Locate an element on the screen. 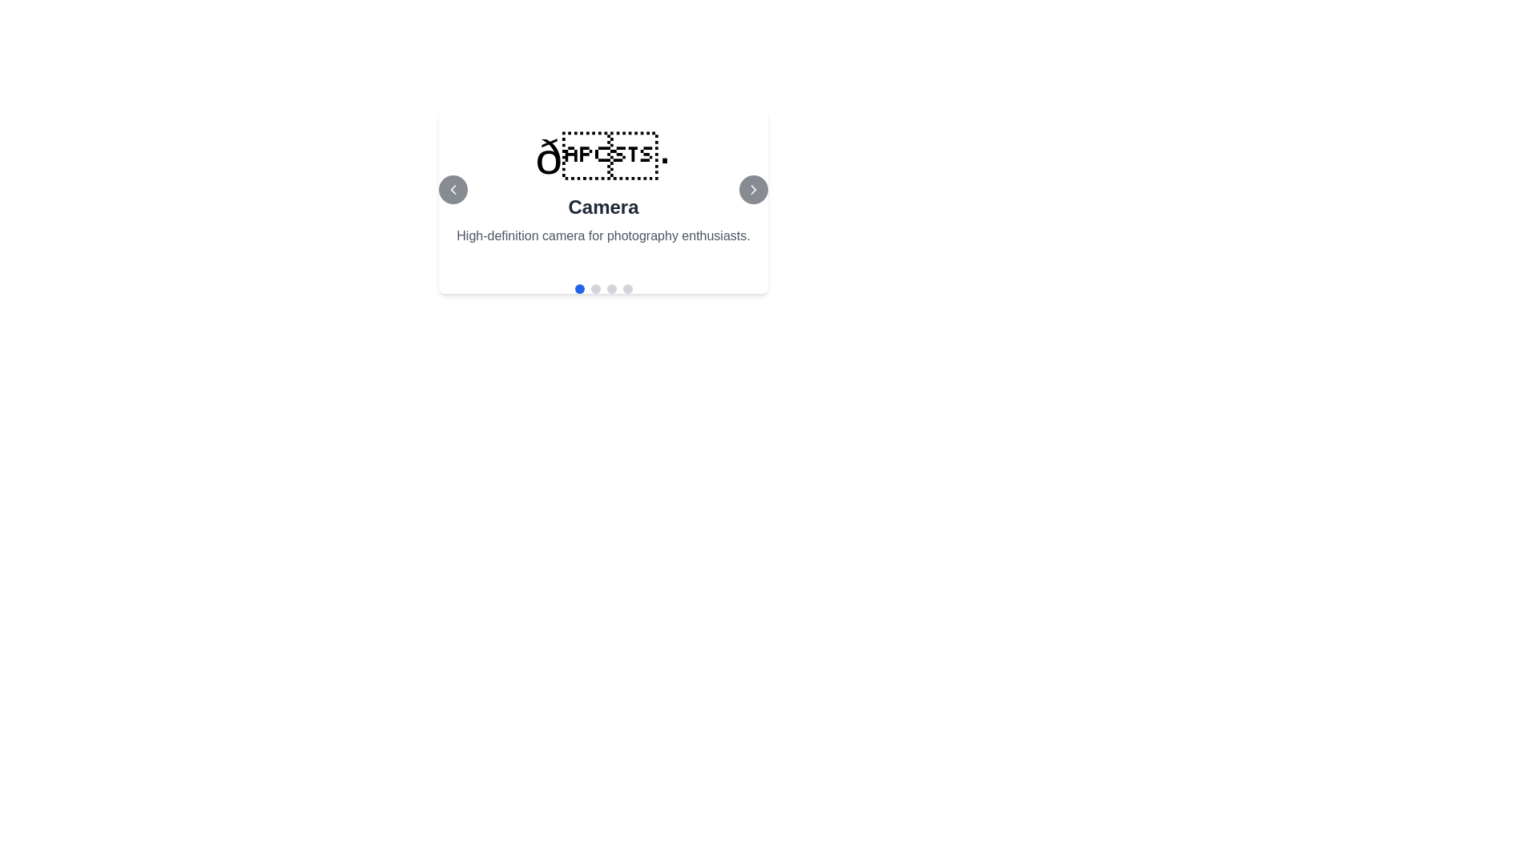 The image size is (1538, 865). the text label displaying 'Camera' in bold, large dark gray font, located within a card section, below an emoji icon and above a description text is located at coordinates (602, 206).